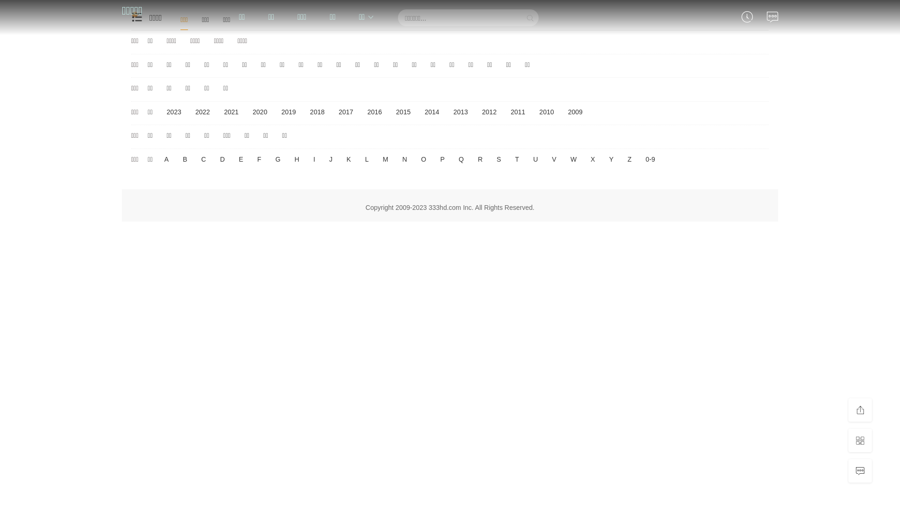 This screenshot has height=506, width=900. What do you see at coordinates (202, 159) in the screenshot?
I see `'C'` at bounding box center [202, 159].